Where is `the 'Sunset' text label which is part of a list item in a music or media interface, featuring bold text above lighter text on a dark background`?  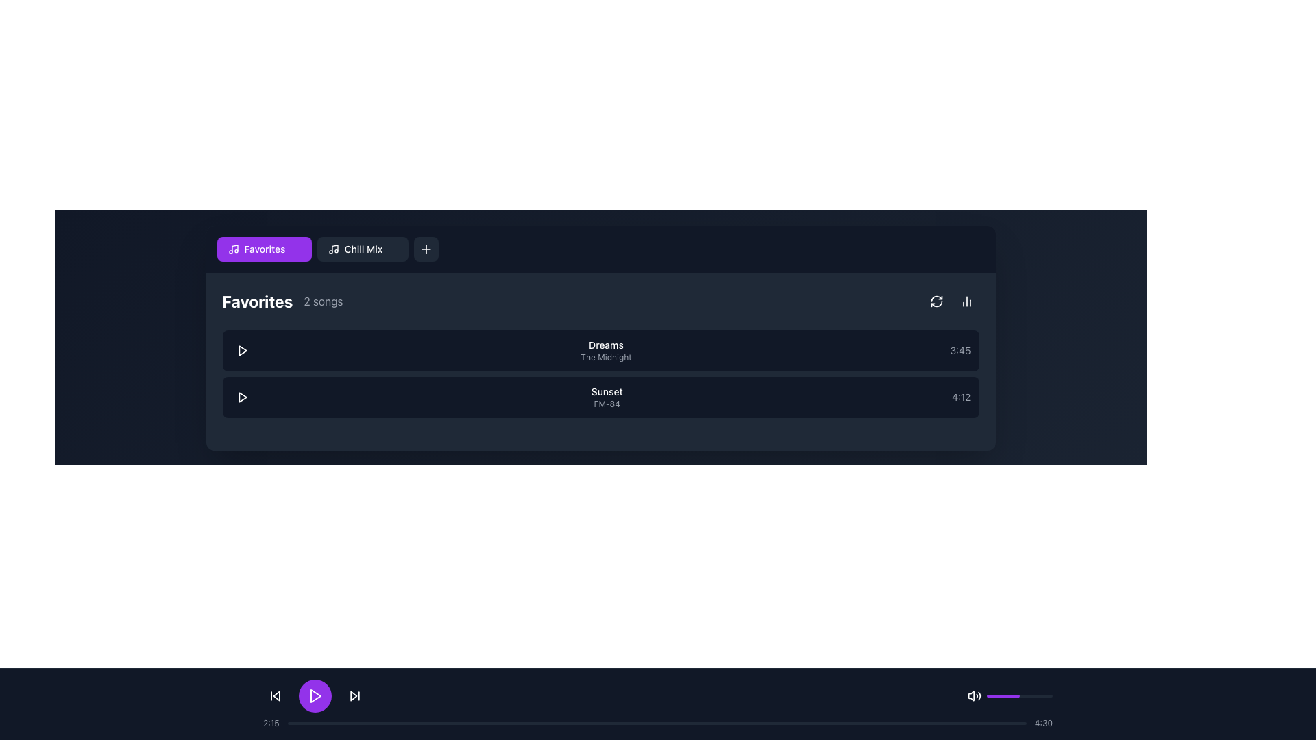 the 'Sunset' text label which is part of a list item in a music or media interface, featuring bold text above lighter text on a dark background is located at coordinates (606, 397).